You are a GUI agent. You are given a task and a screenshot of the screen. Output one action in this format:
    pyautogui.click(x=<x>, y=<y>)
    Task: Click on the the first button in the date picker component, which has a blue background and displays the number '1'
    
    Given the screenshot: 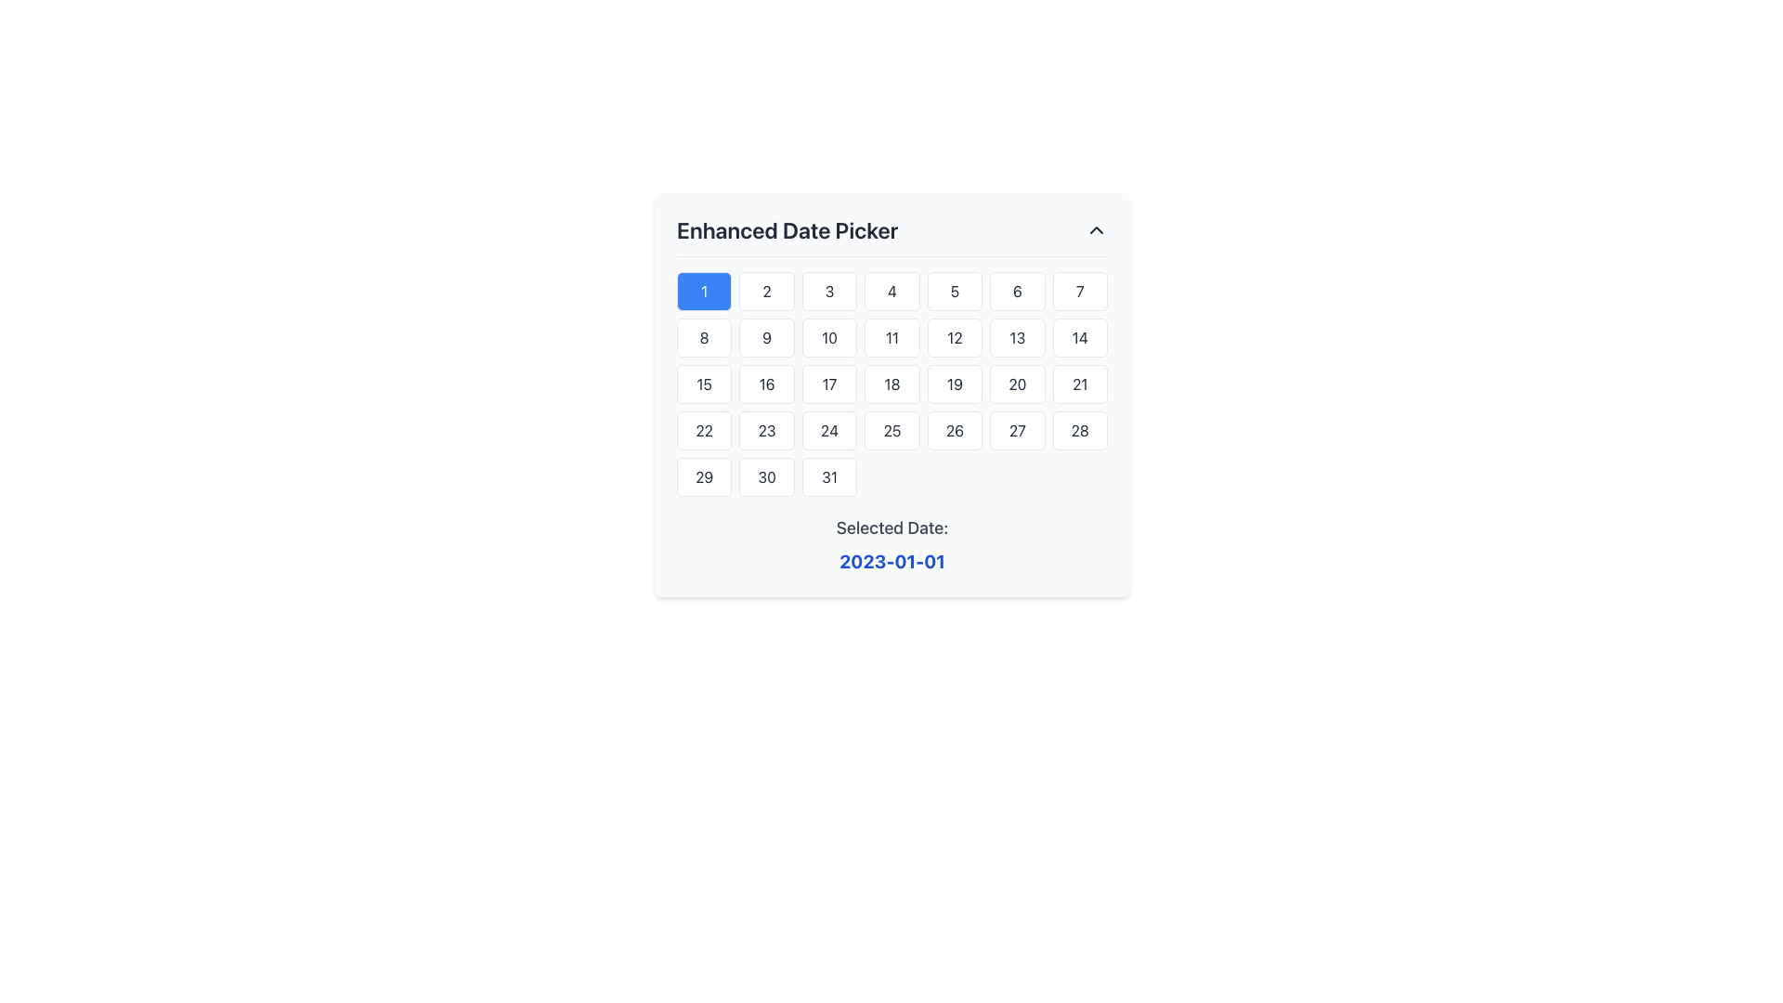 What is the action you would take?
    pyautogui.click(x=703, y=291)
    